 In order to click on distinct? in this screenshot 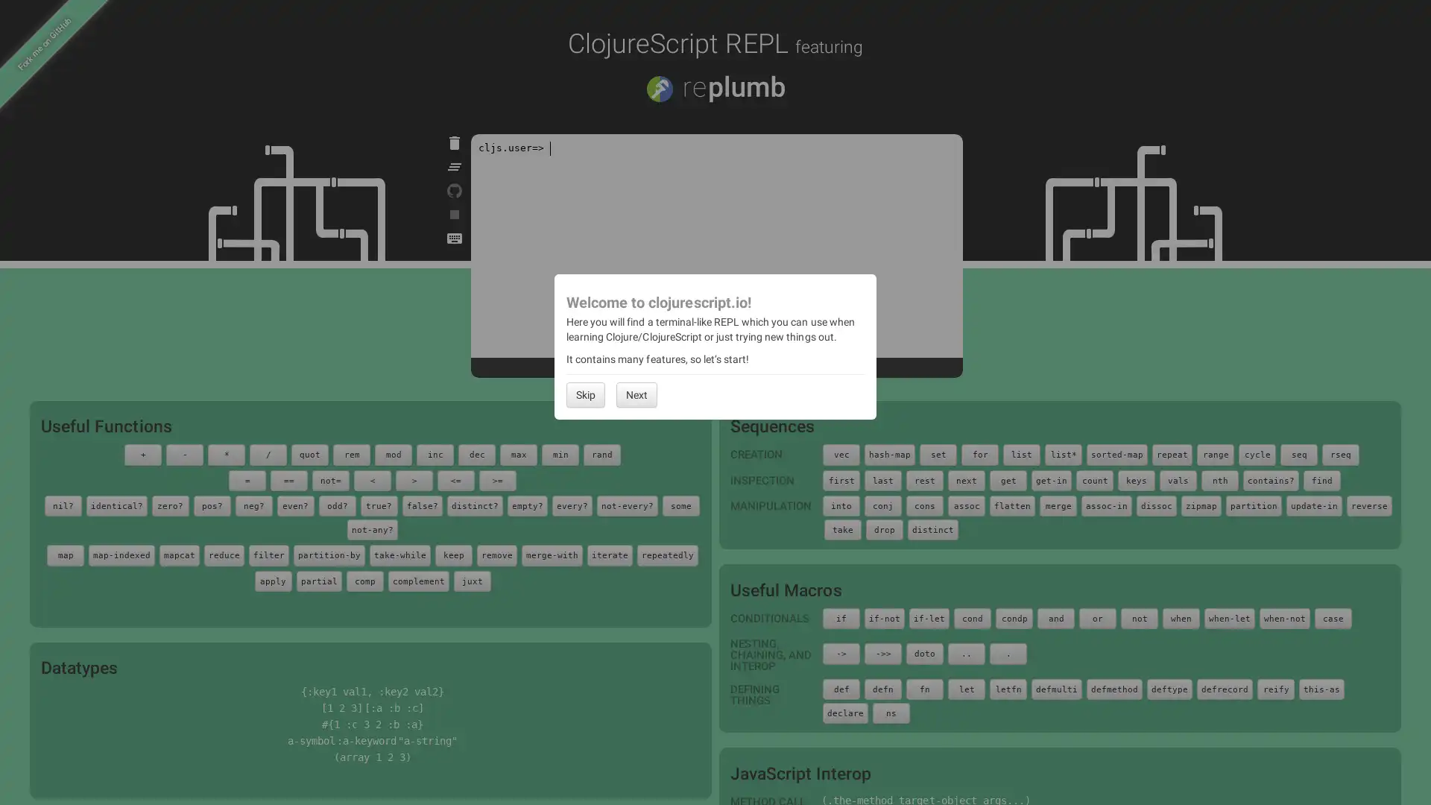, I will do `click(473, 505)`.